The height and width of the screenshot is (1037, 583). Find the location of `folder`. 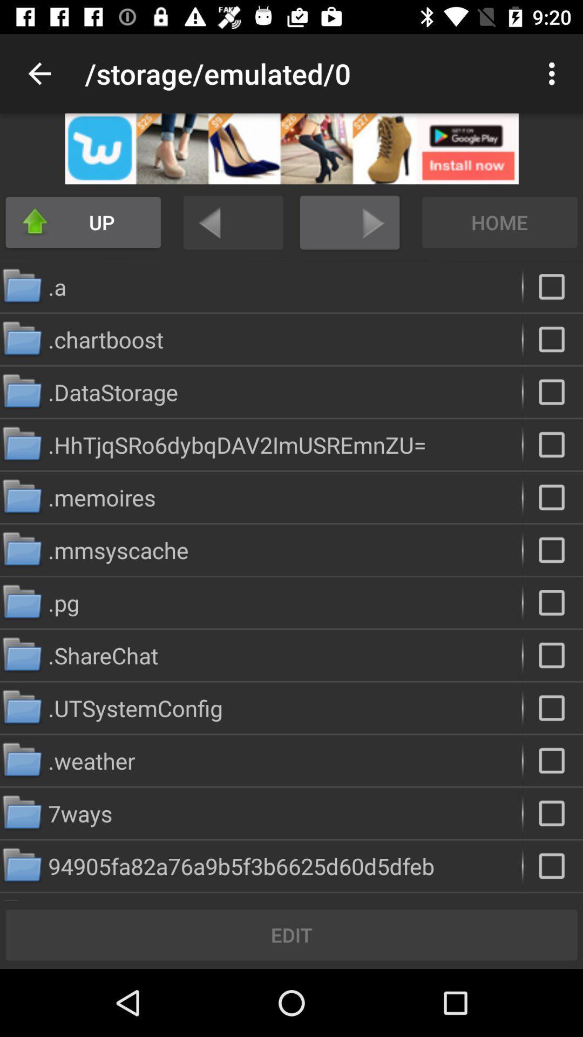

folder is located at coordinates (553, 655).